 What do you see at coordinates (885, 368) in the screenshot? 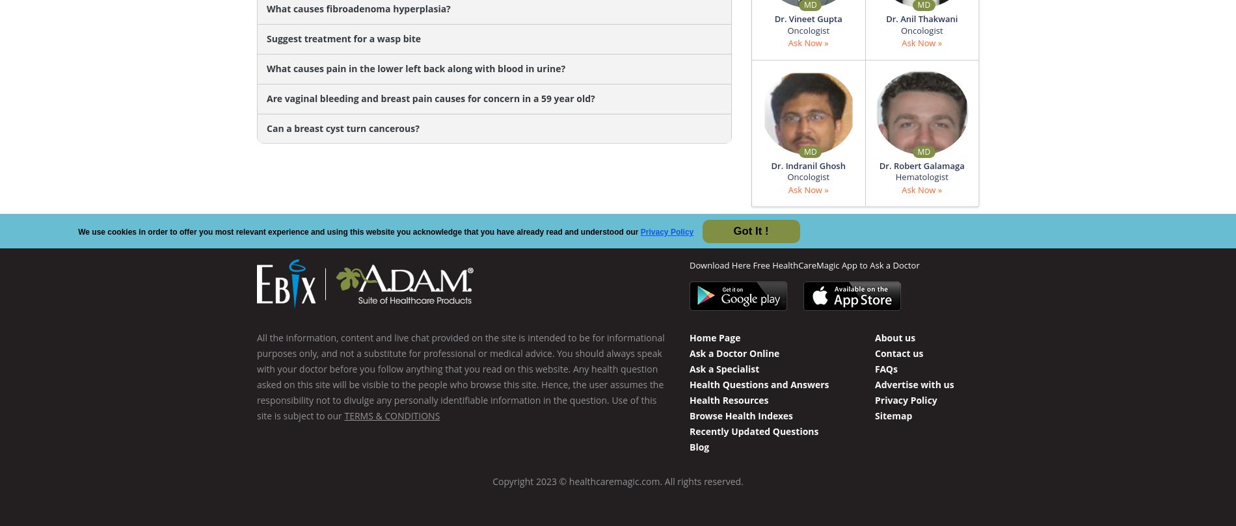
I see `'FAQs'` at bounding box center [885, 368].